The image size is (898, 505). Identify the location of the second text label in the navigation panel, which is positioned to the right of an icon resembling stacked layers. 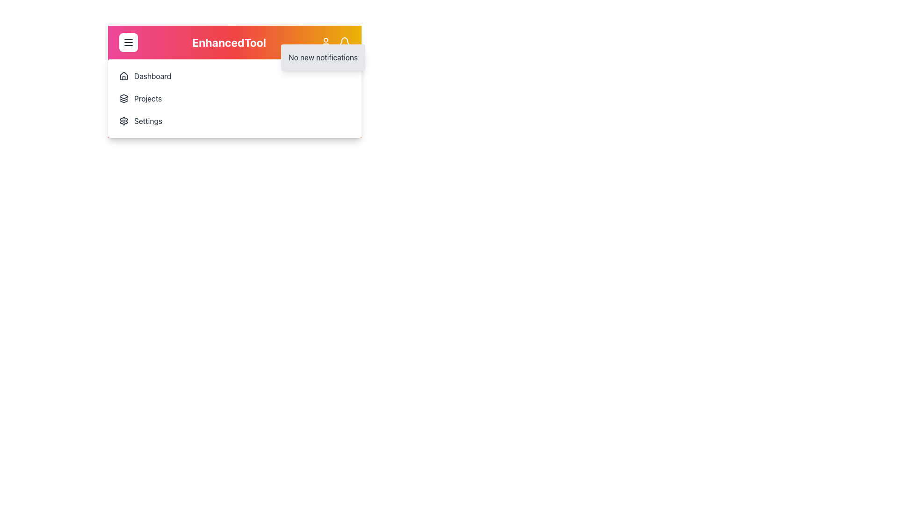
(147, 99).